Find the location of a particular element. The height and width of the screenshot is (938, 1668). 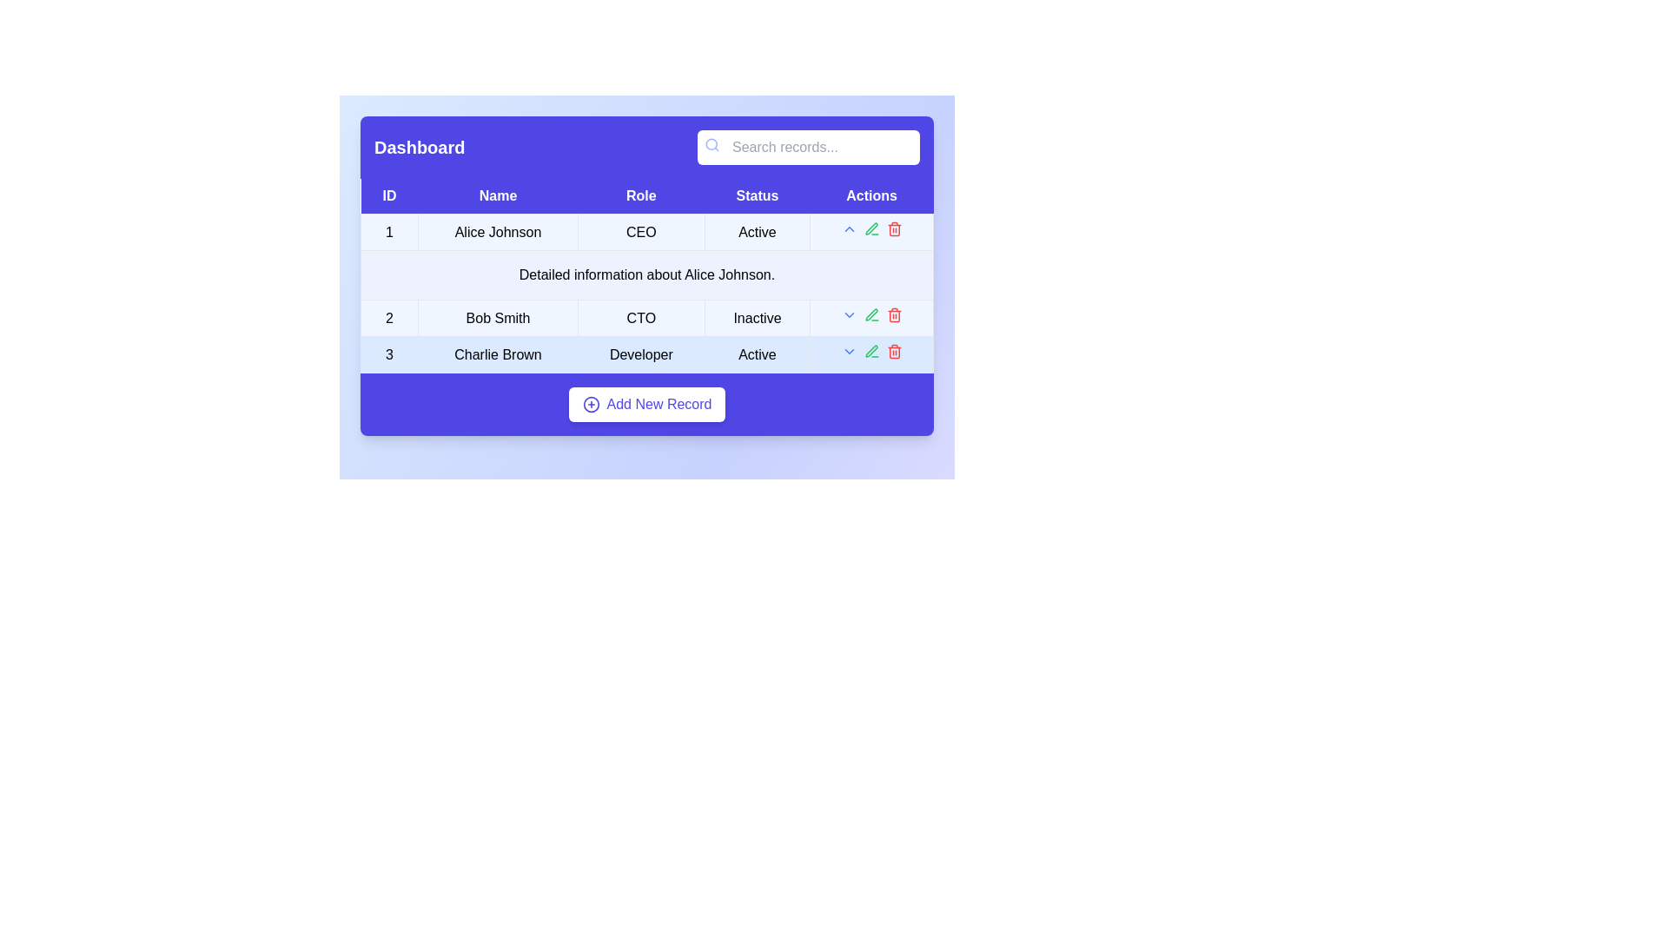

the small circular magnifying glass icon located to the left of the 'Search records...' input field is located at coordinates (712, 143).